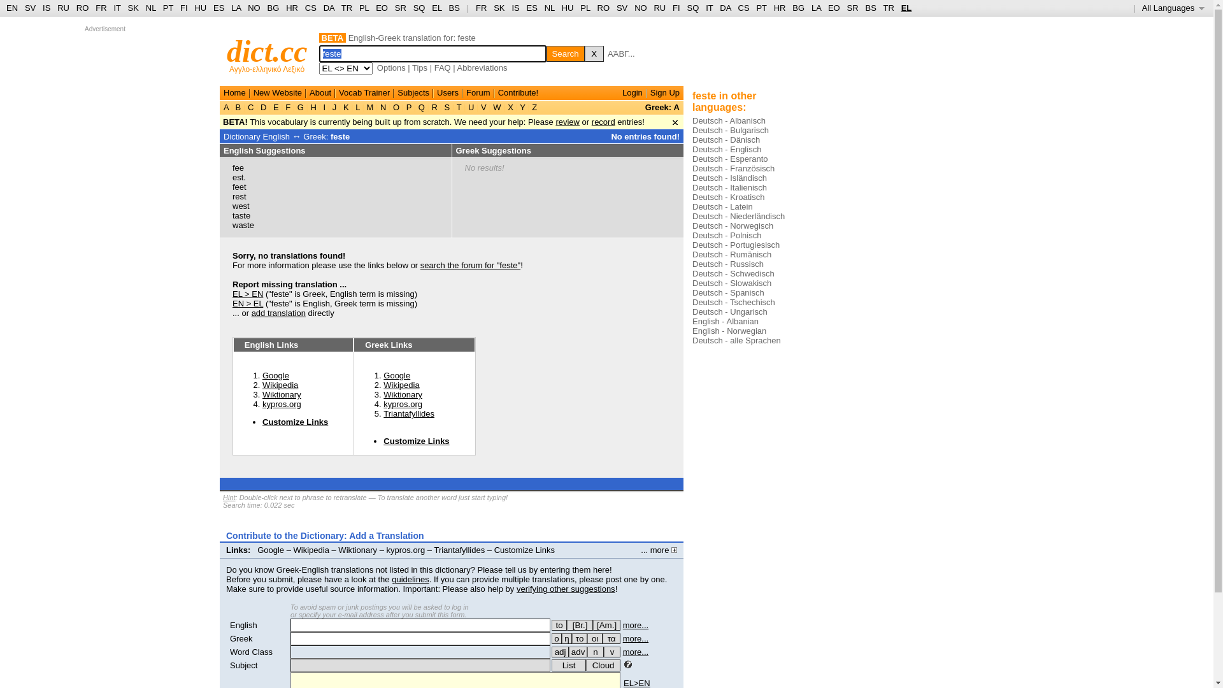 This screenshot has width=1223, height=688. Describe the element at coordinates (324, 106) in the screenshot. I see `'I'` at that location.